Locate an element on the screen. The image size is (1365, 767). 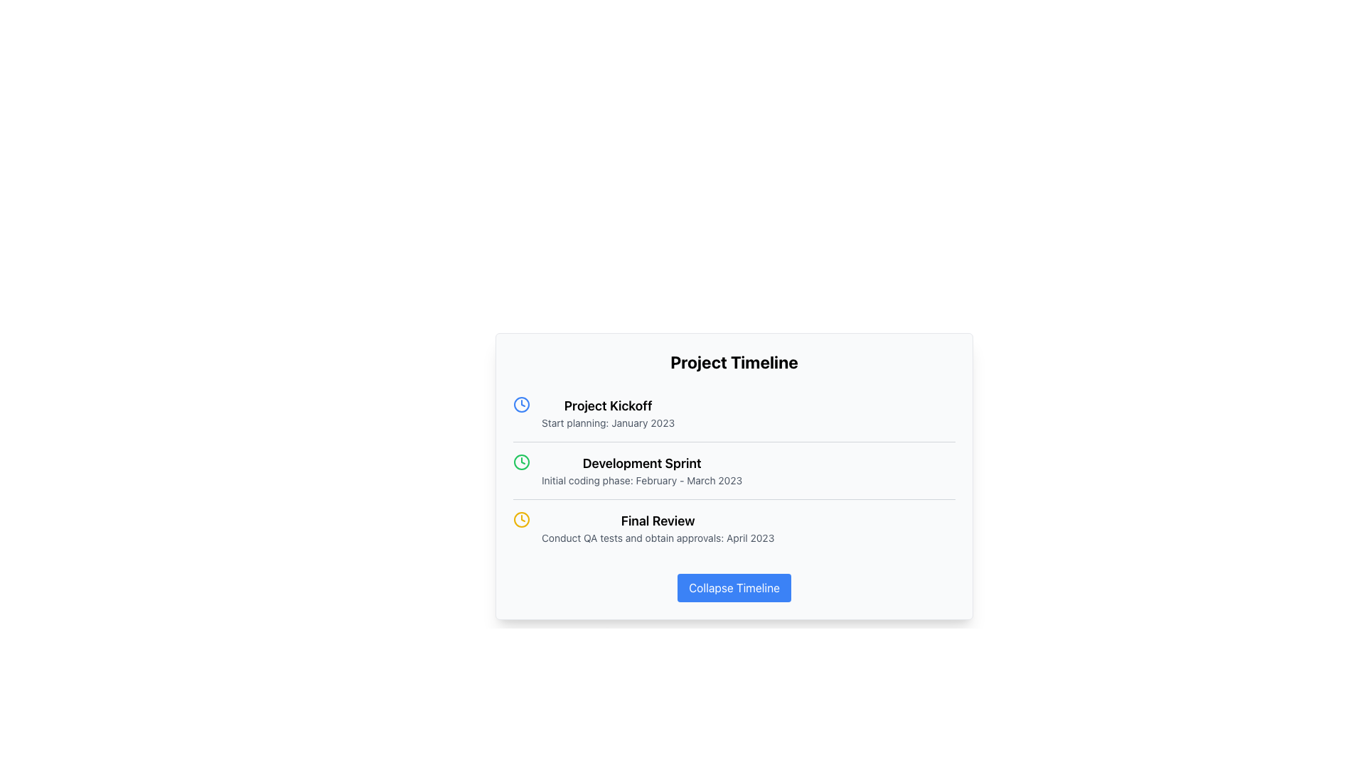
the outer circular part of the clock icon located to the left of the text 'Project Kickoff' within the 'Project Timeline' section is located at coordinates (521, 405).